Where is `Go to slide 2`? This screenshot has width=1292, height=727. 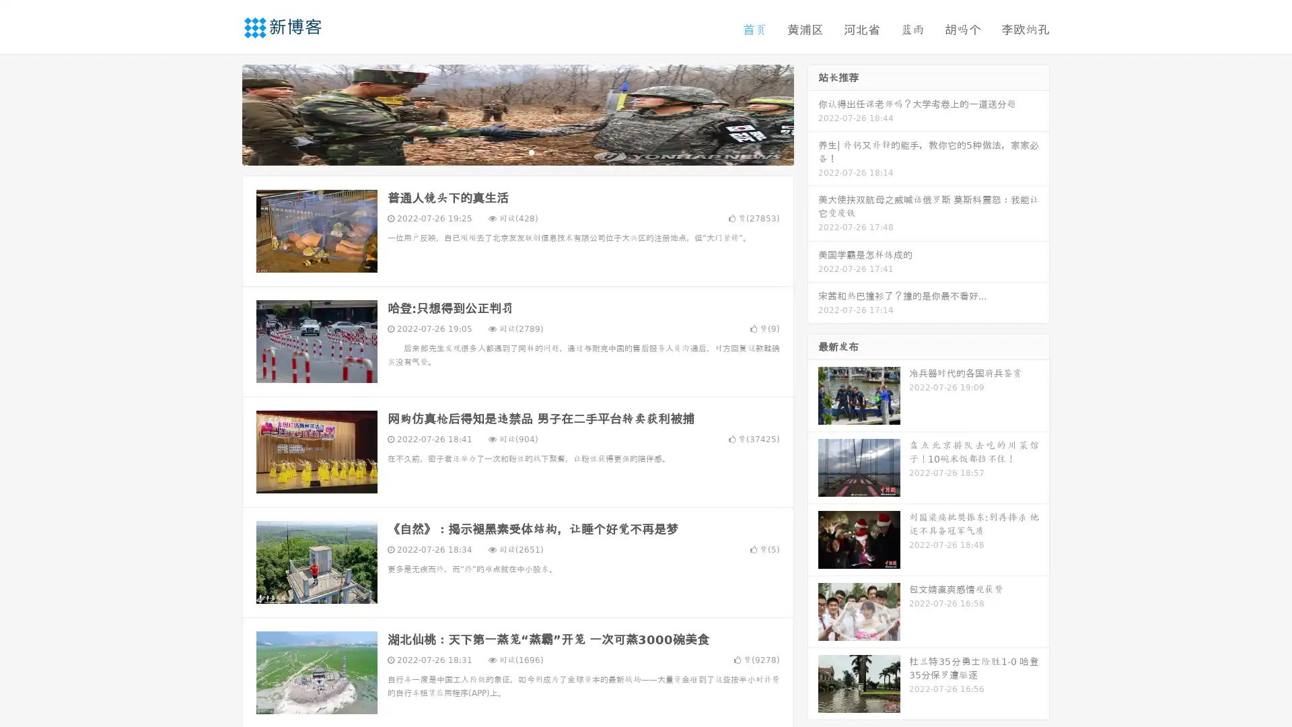
Go to slide 2 is located at coordinates (517, 151).